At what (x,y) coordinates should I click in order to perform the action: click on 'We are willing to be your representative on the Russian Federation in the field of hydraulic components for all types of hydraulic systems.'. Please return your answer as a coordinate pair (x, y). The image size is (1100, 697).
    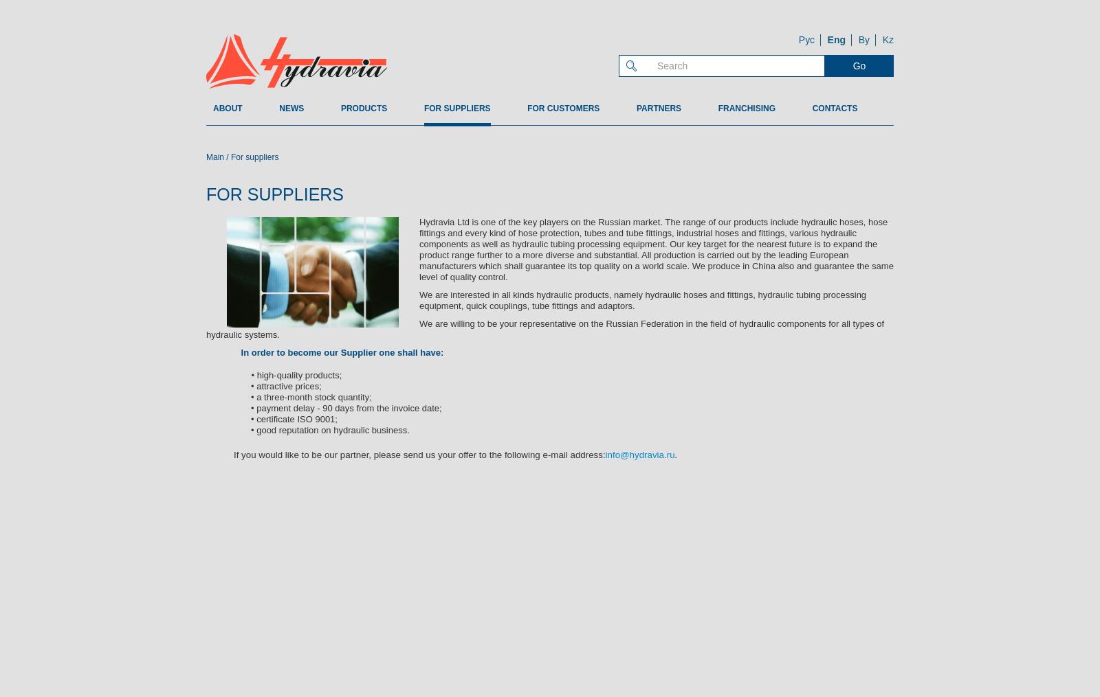
    Looking at the image, I should click on (206, 328).